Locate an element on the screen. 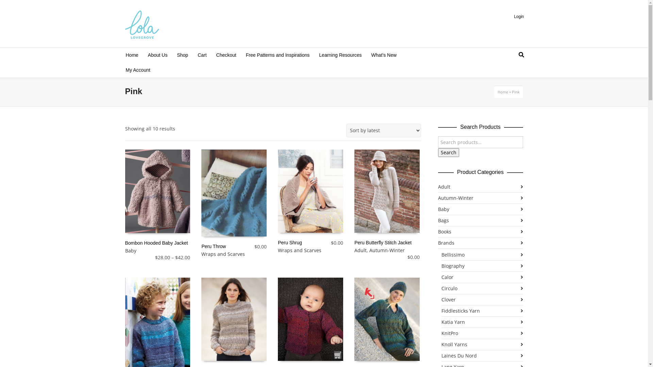 The width and height of the screenshot is (653, 367). 'Peru Throw' is located at coordinates (213, 246).